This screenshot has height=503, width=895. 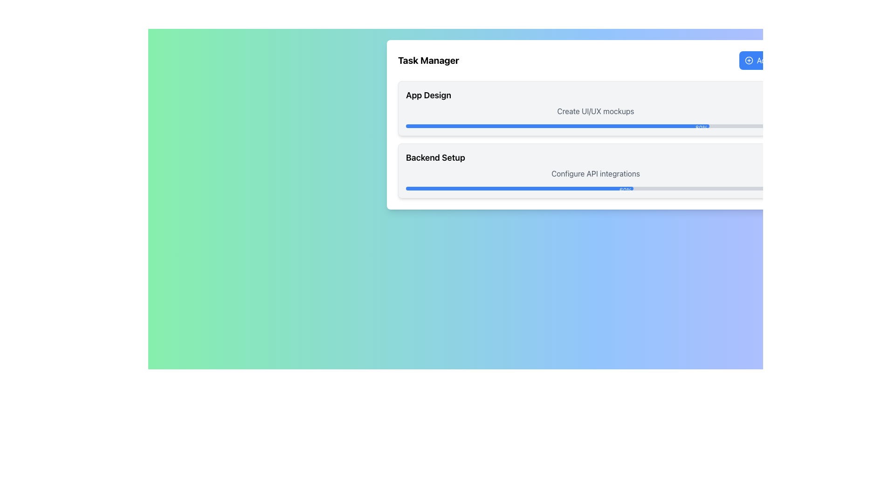 I want to click on the 'circle-plus' icon button located to the left of the 'Add Task' text in the top-right corner of the layout, so click(x=749, y=61).